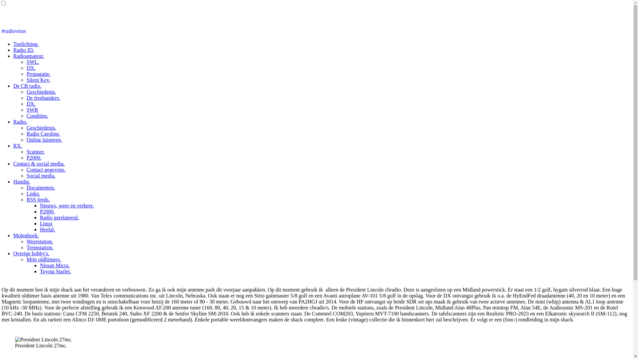 This screenshot has height=359, width=638. I want to click on 'Radio.', so click(20, 122).